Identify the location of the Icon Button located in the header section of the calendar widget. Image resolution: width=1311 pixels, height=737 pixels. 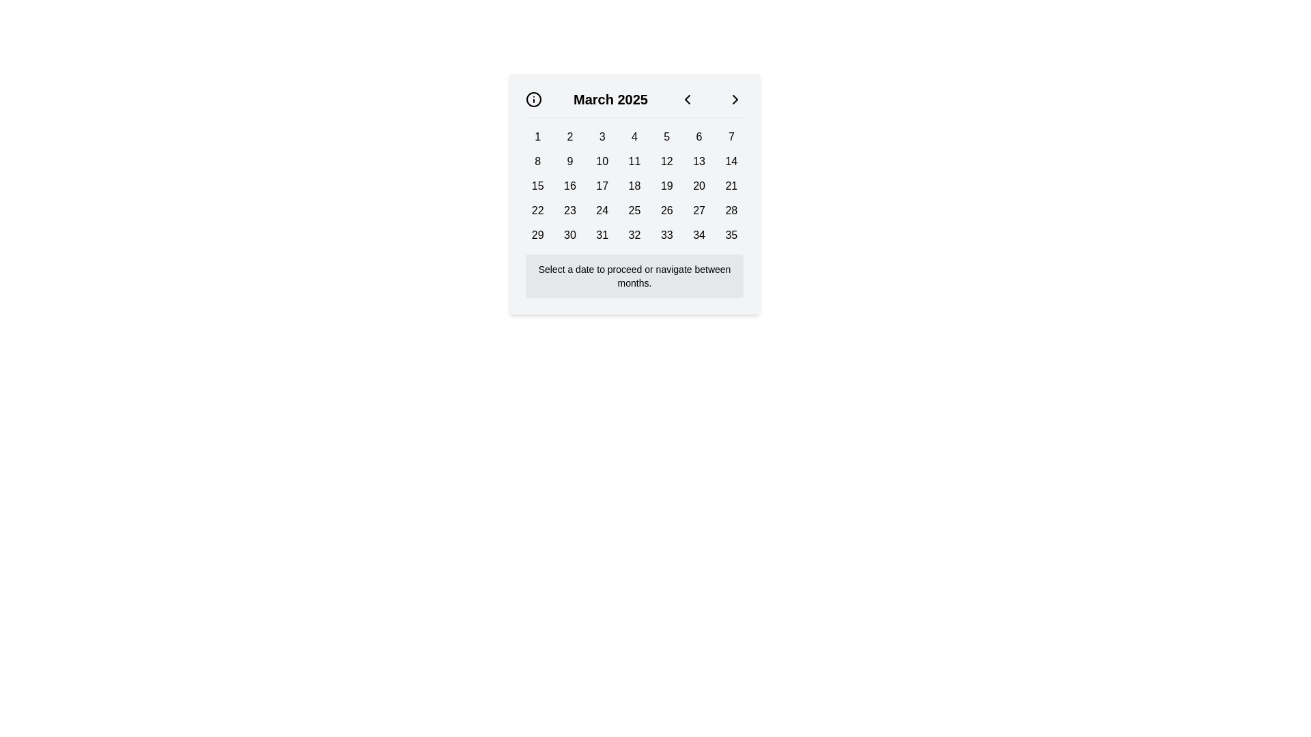
(734, 99).